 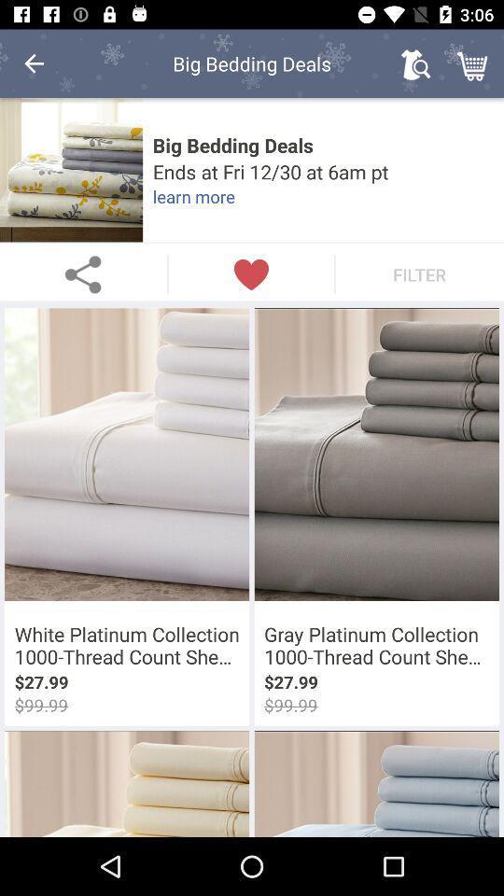 What do you see at coordinates (82, 273) in the screenshot?
I see `share` at bounding box center [82, 273].